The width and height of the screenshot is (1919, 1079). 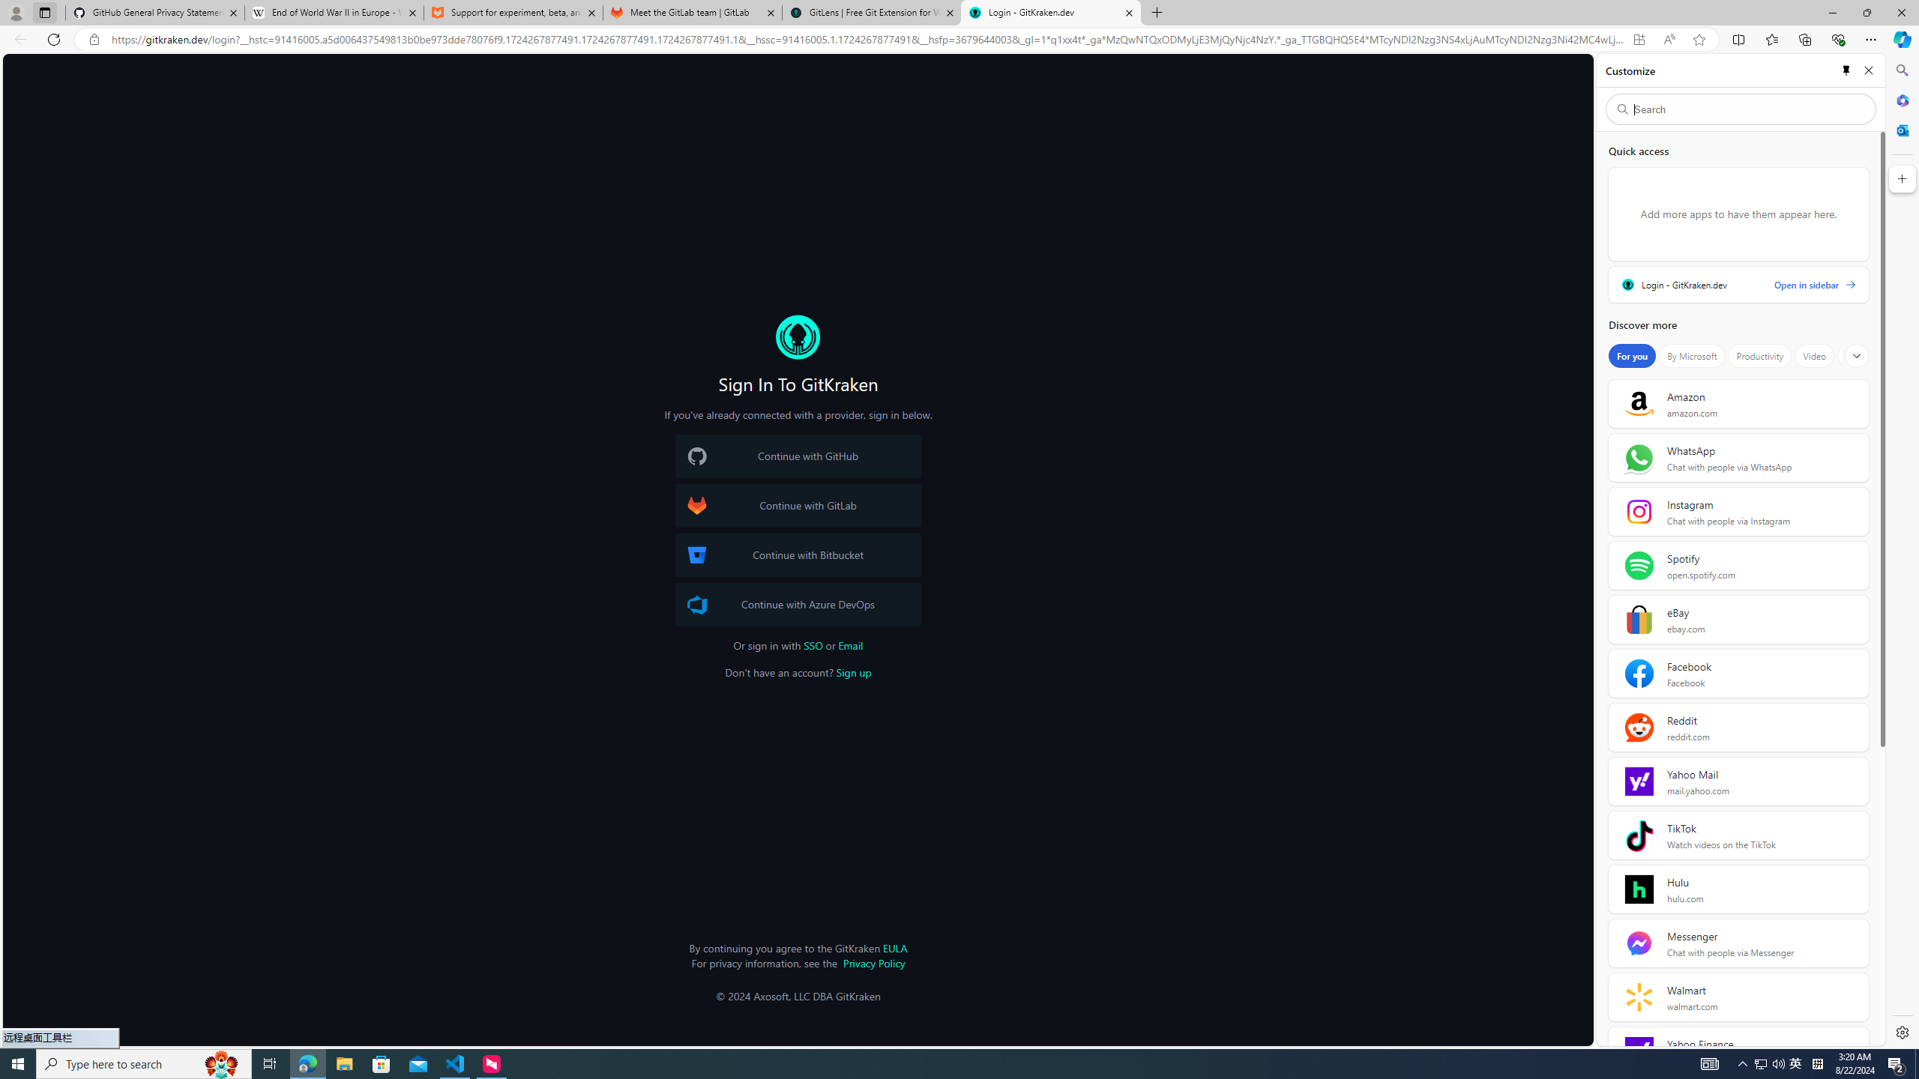 I want to click on 'GitHub Logo', so click(x=696, y=456).